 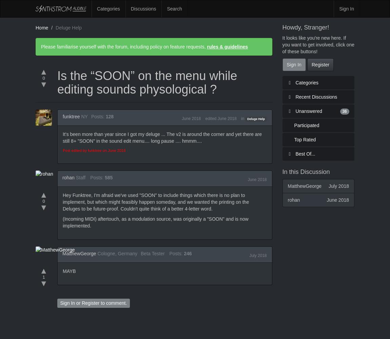 What do you see at coordinates (110, 116) in the screenshot?
I see `'128'` at bounding box center [110, 116].